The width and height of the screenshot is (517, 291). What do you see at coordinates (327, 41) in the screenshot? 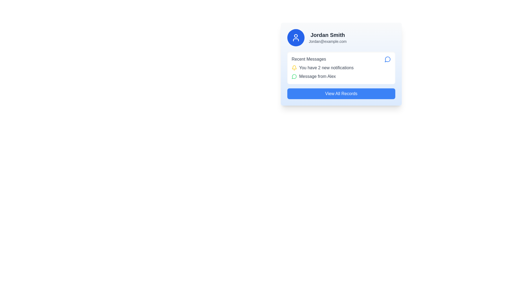
I see `the informational text label displaying the email address associated with user 'Jordan Smith', located directly below the name in the top-right corner of the interface` at bounding box center [327, 41].